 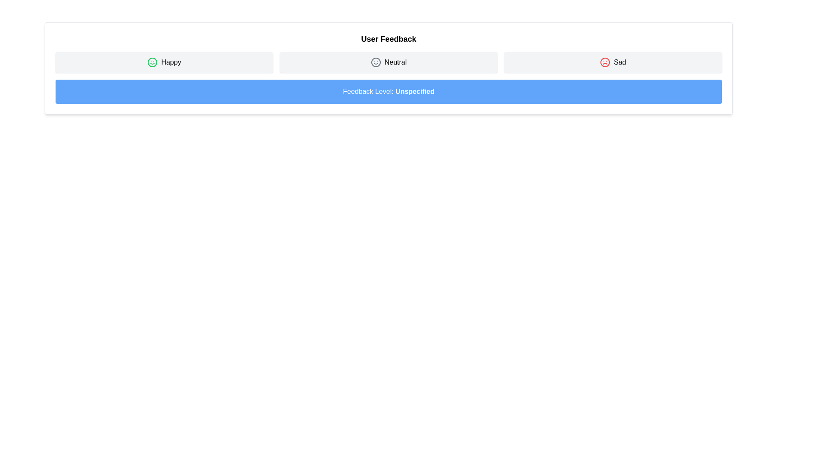 I want to click on the 'Happy' text label that represents the positive sentiment option in the sentiment feedback system, so click(x=171, y=62).